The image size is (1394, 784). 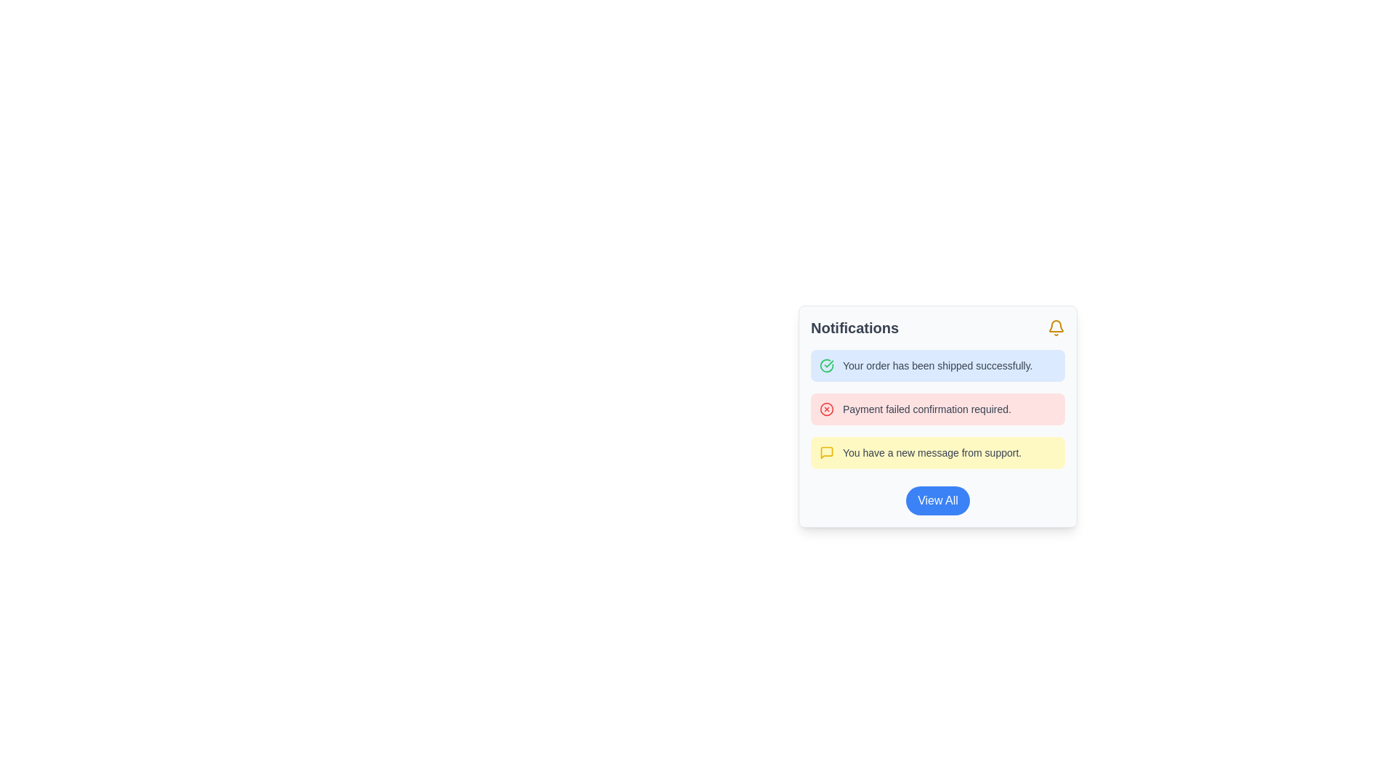 What do you see at coordinates (1056, 327) in the screenshot?
I see `the bell icon located at the top-right of the 'Notifications' heading in the notifications card` at bounding box center [1056, 327].